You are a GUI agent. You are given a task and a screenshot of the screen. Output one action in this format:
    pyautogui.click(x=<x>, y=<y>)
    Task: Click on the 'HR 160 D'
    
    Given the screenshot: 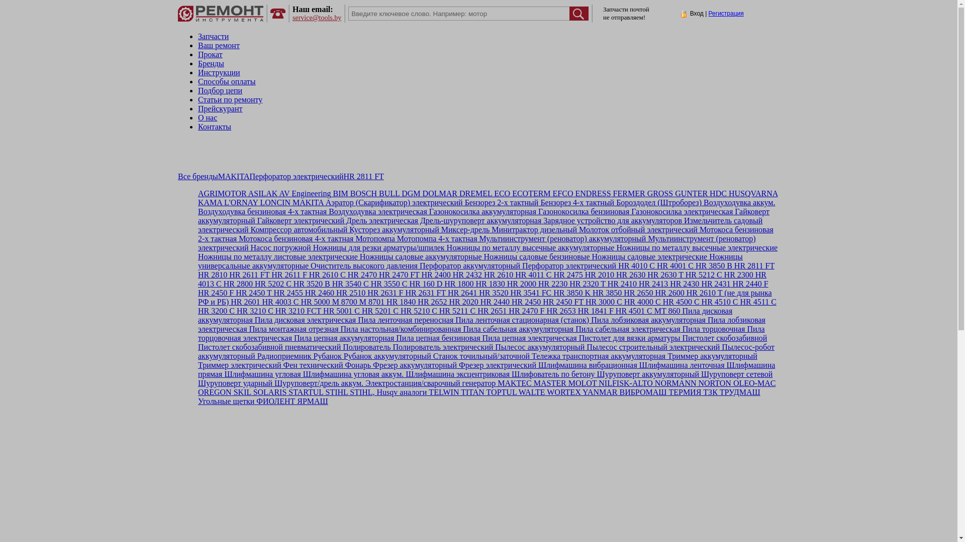 What is the action you would take?
    pyautogui.click(x=408, y=284)
    